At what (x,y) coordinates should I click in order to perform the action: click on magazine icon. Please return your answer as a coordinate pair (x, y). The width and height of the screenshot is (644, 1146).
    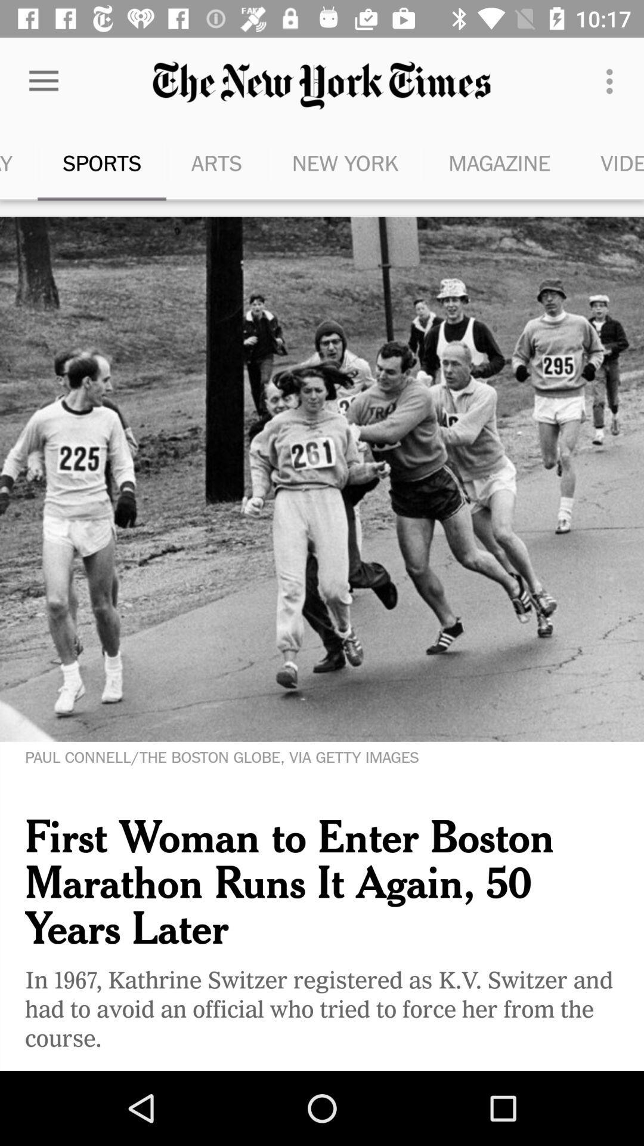
    Looking at the image, I should click on (499, 162).